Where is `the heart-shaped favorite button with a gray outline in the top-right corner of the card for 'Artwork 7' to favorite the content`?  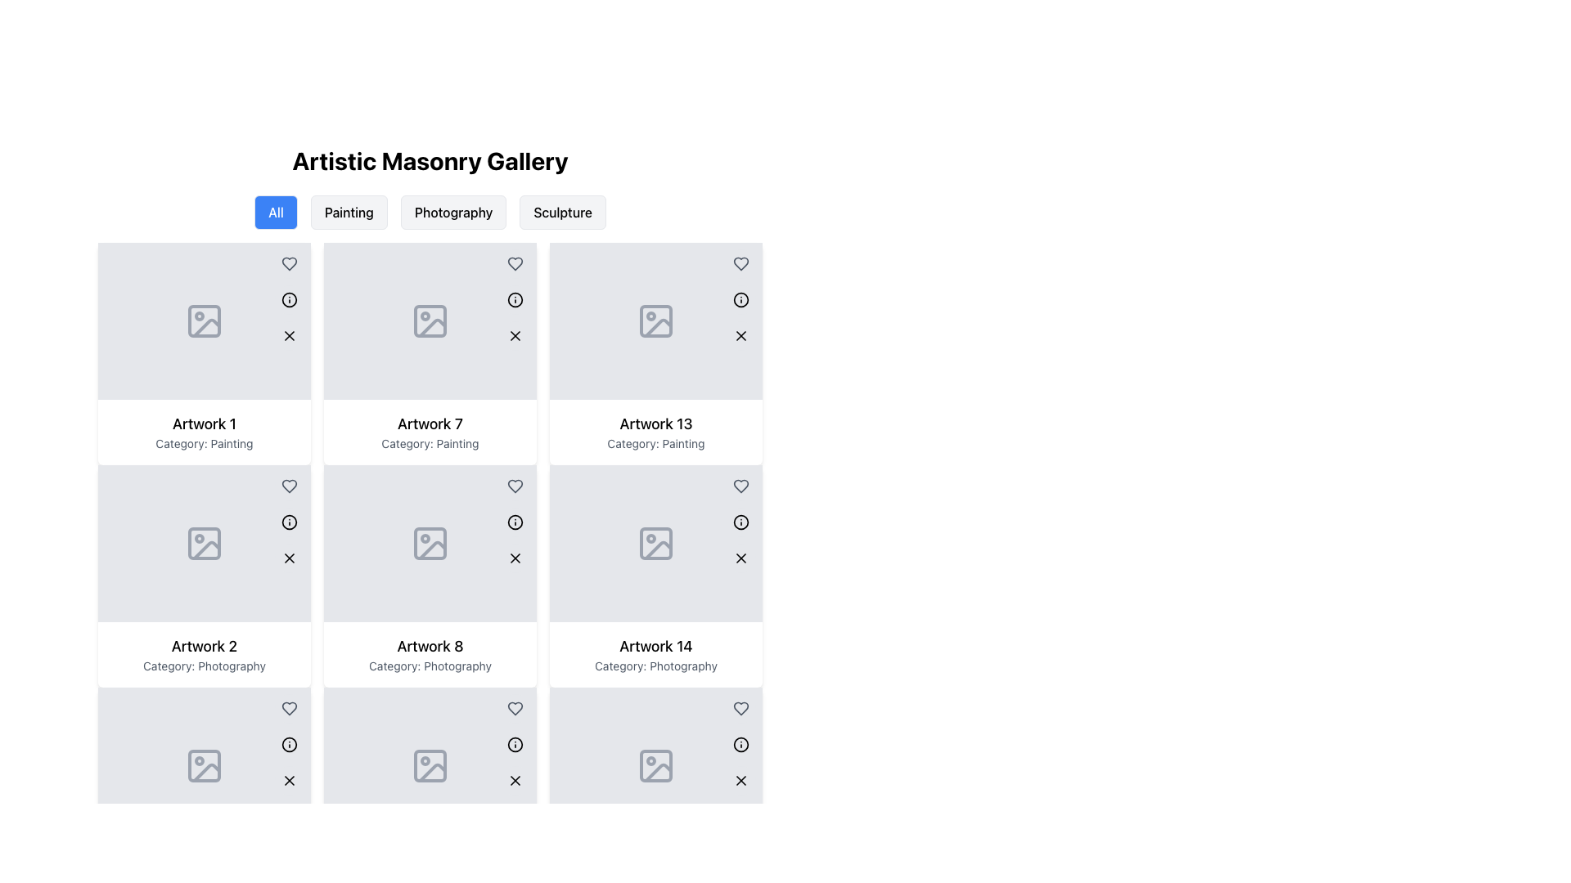 the heart-shaped favorite button with a gray outline in the top-right corner of the card for 'Artwork 7' to favorite the content is located at coordinates (514, 485).